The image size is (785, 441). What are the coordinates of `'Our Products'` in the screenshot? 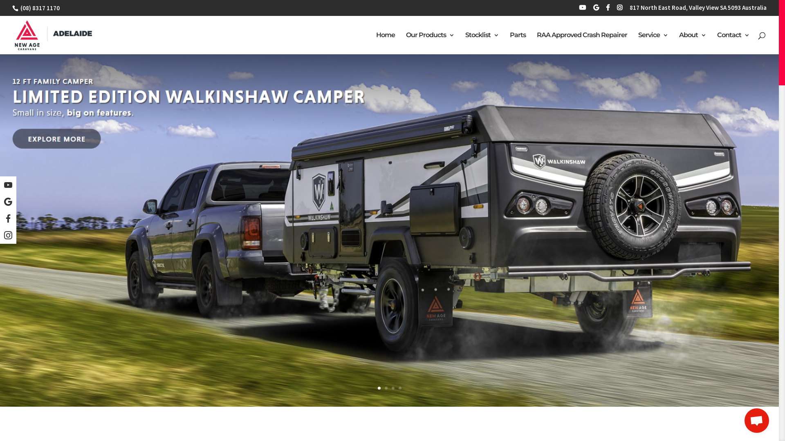 It's located at (429, 42).